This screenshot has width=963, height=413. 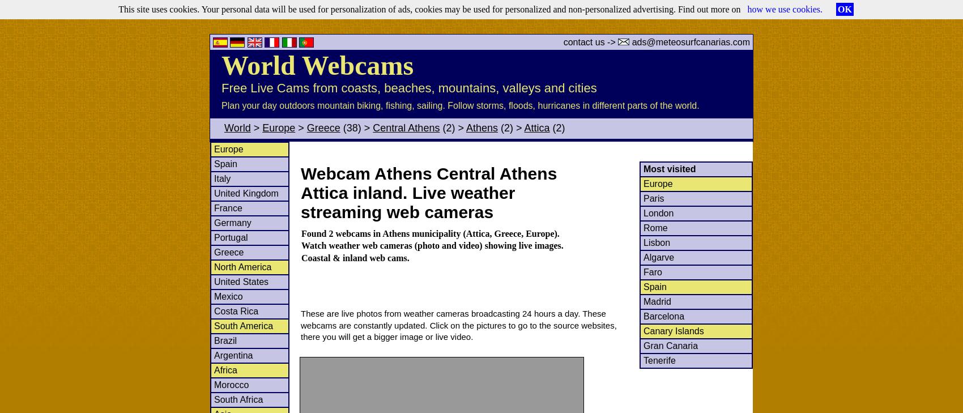 I want to click on 'Barcelona', so click(x=663, y=316).